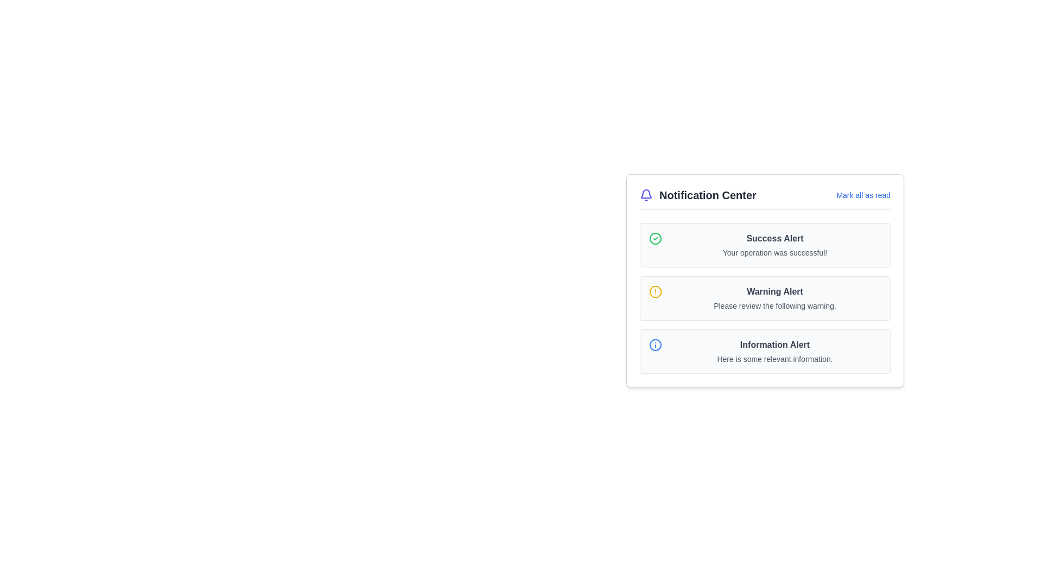 The image size is (1042, 586). I want to click on the text label that reads 'Here is some relevant information.' which is styled with a smaller font size and gray color, located at the bottom of the third notification in the Notification Center interface, so click(774, 359).